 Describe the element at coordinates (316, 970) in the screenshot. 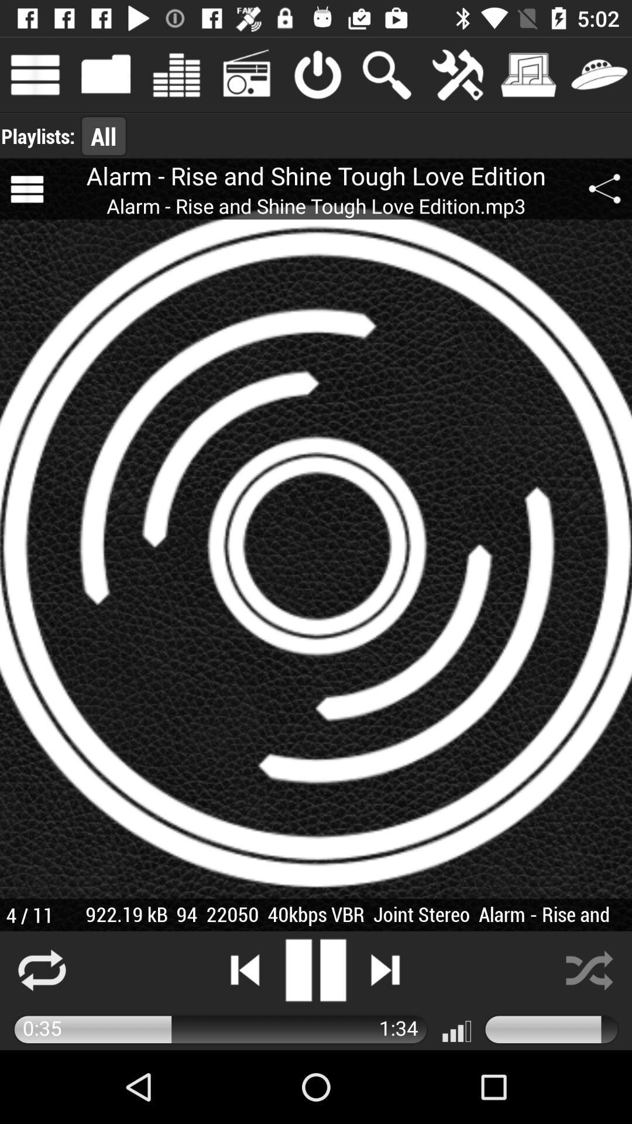

I see `the pause icon` at that location.